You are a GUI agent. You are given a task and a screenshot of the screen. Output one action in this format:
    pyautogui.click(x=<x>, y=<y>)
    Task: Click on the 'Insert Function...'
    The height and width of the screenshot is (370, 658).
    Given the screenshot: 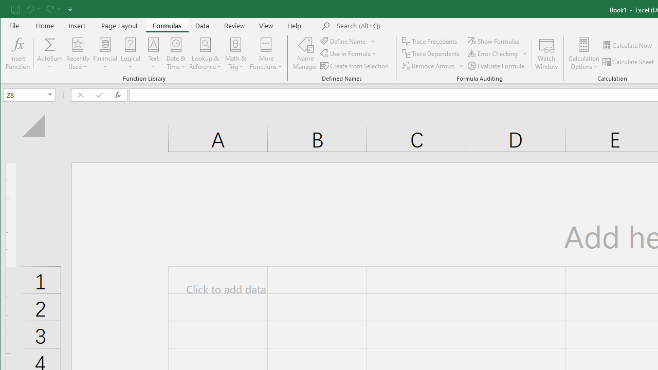 What is the action you would take?
    pyautogui.click(x=18, y=53)
    